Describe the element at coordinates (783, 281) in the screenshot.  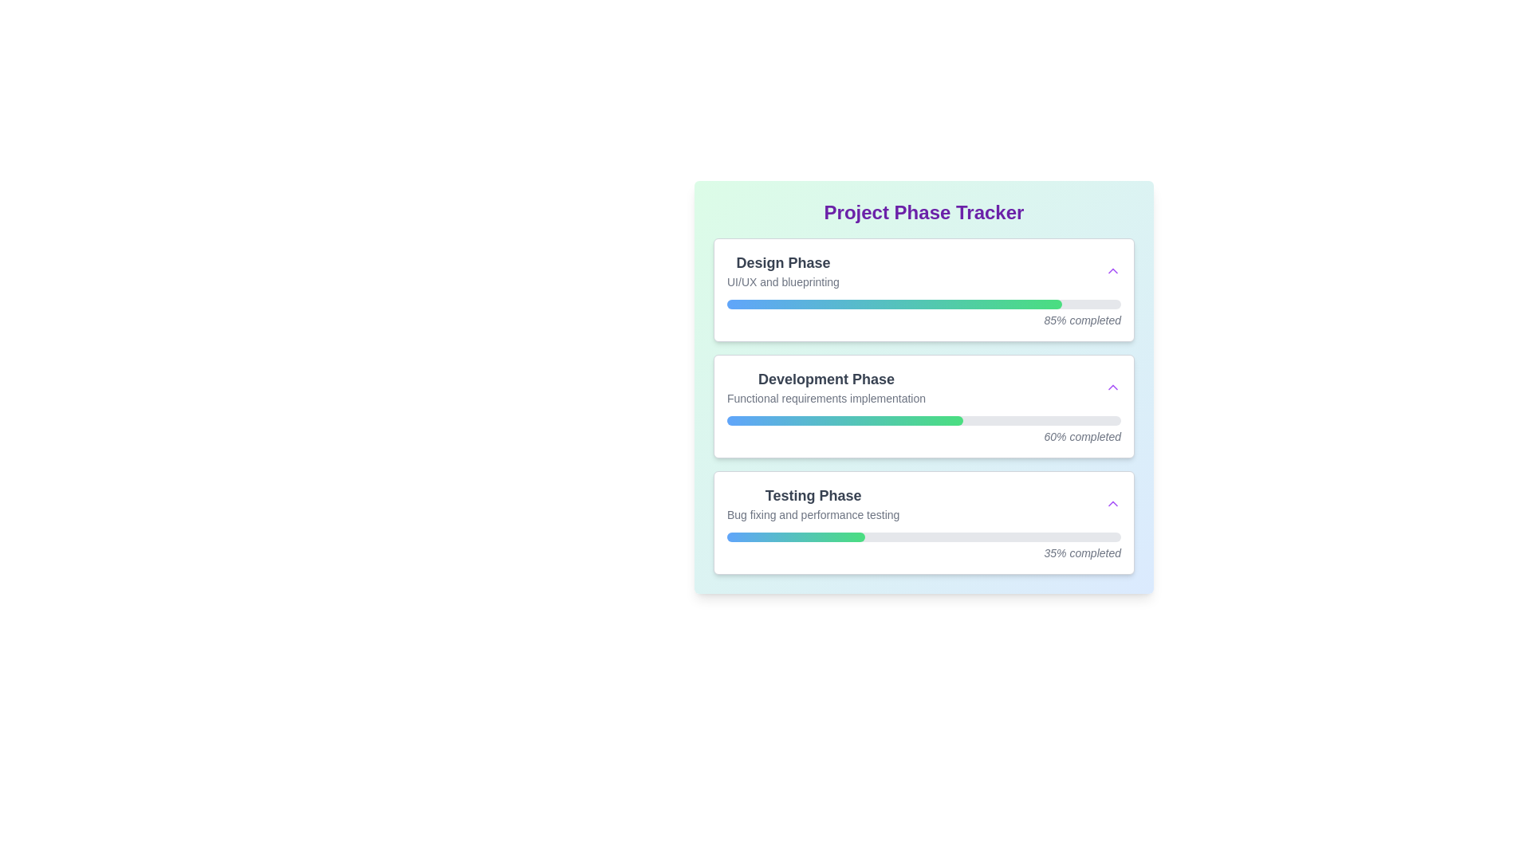
I see `text label 'UI/UX and blueprinting' located below the 'Design Phase' heading in the top-left section of the interface` at that location.